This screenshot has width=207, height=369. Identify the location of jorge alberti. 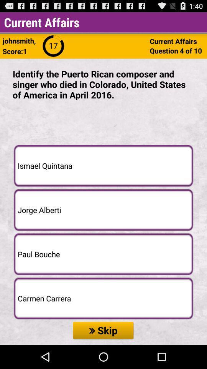
(103, 210).